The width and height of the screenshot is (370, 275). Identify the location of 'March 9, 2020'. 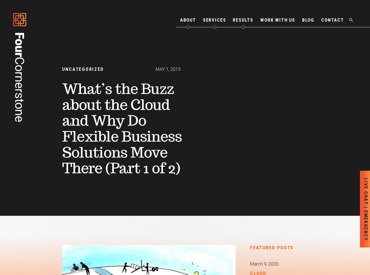
(264, 264).